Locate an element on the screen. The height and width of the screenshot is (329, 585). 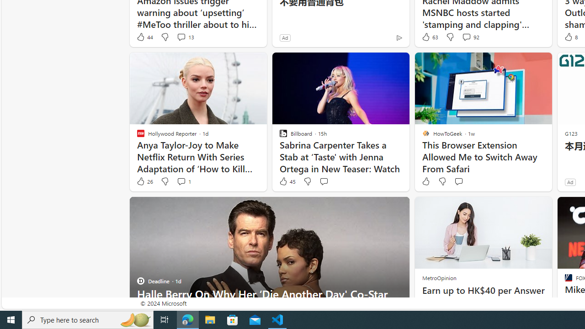
'45 Like' is located at coordinates (287, 181).